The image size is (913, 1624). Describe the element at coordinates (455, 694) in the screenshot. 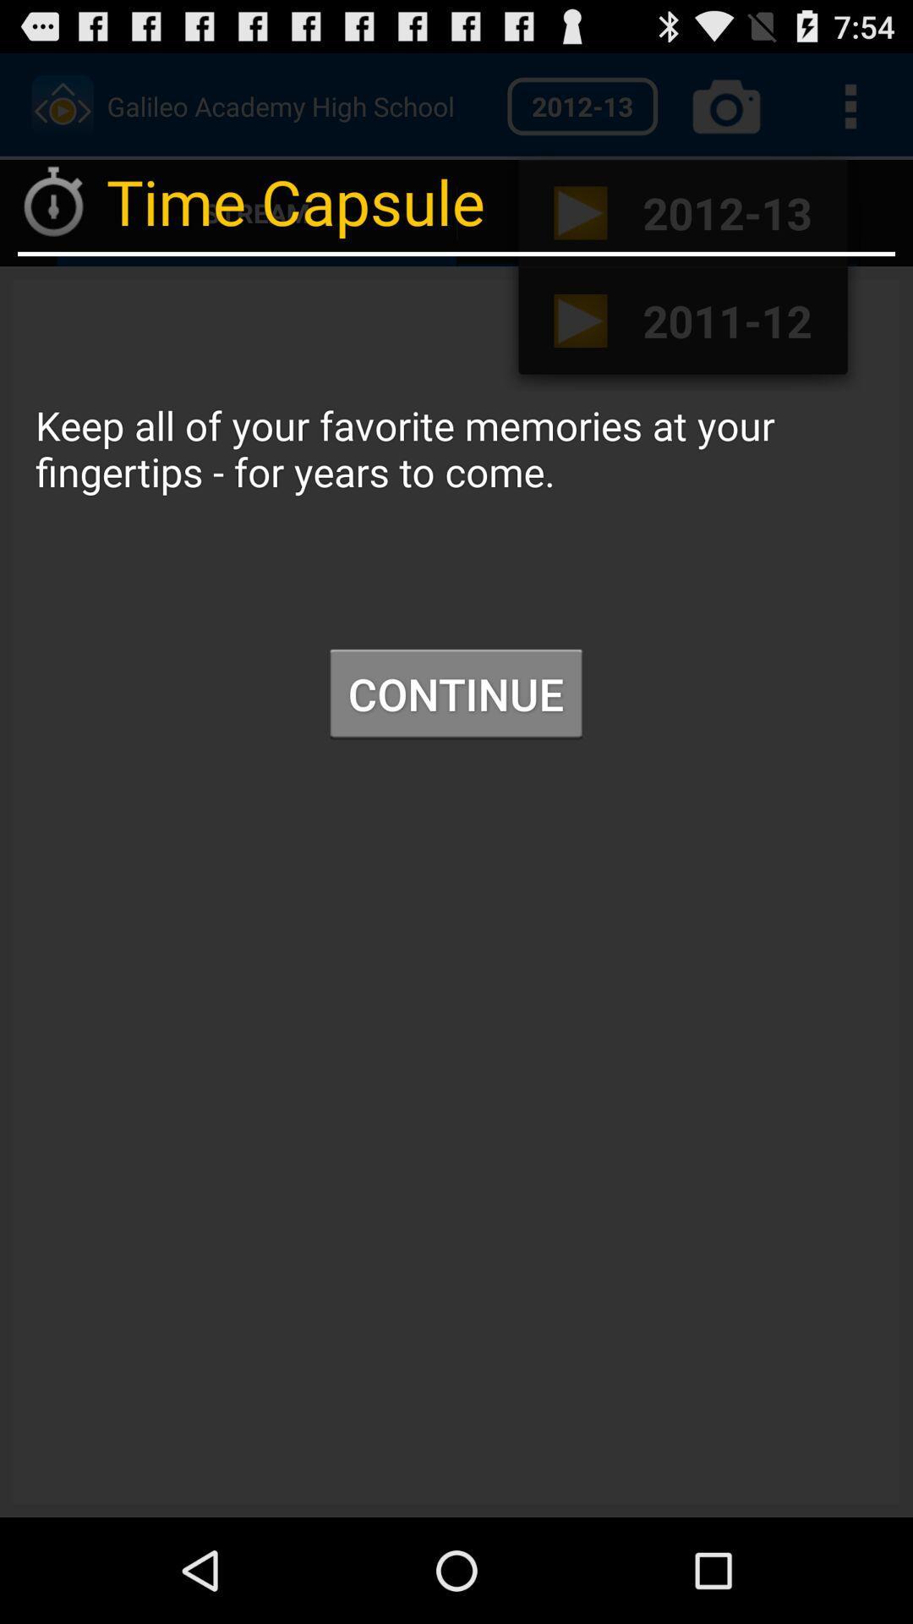

I see `item below keep all of icon` at that location.